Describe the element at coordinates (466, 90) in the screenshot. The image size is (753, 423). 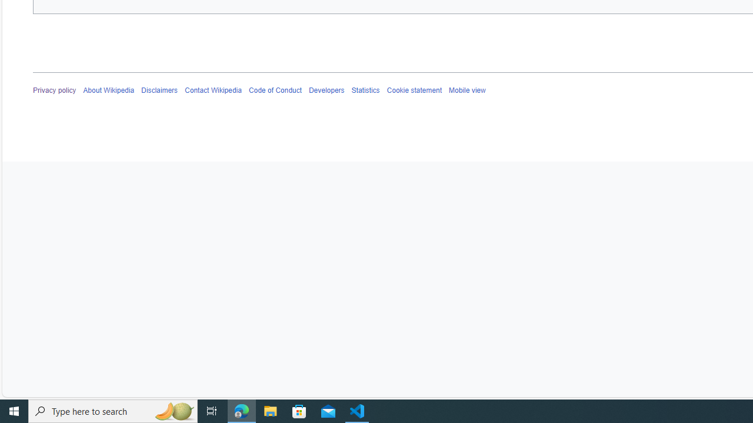
I see `'Mobile view'` at that location.